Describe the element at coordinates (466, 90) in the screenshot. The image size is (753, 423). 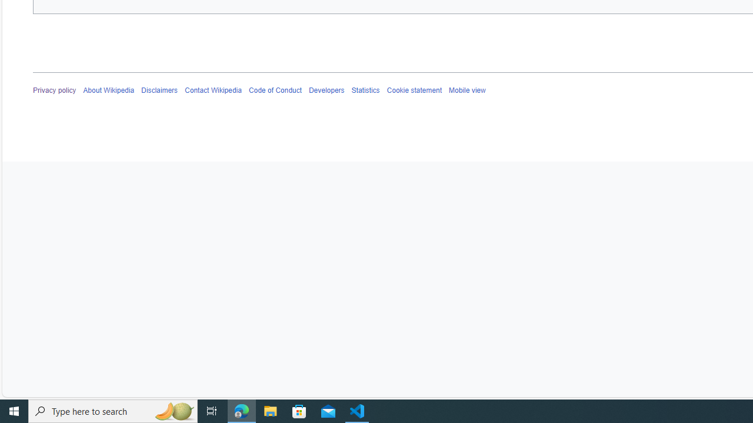
I see `'Mobile view'` at that location.